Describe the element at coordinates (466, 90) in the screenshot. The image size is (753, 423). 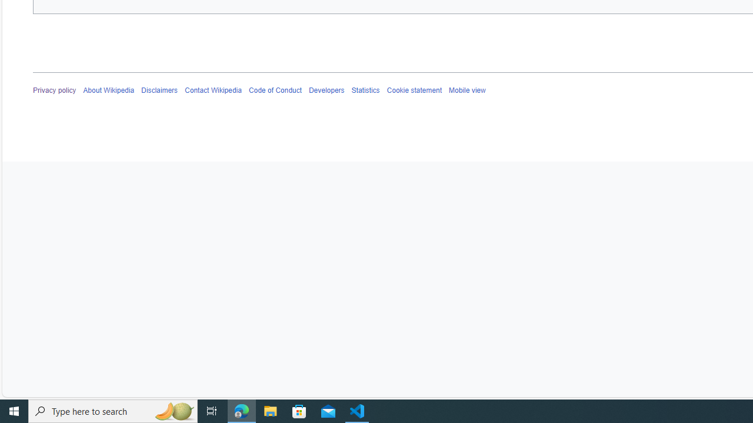
I see `'Mobile view'` at that location.